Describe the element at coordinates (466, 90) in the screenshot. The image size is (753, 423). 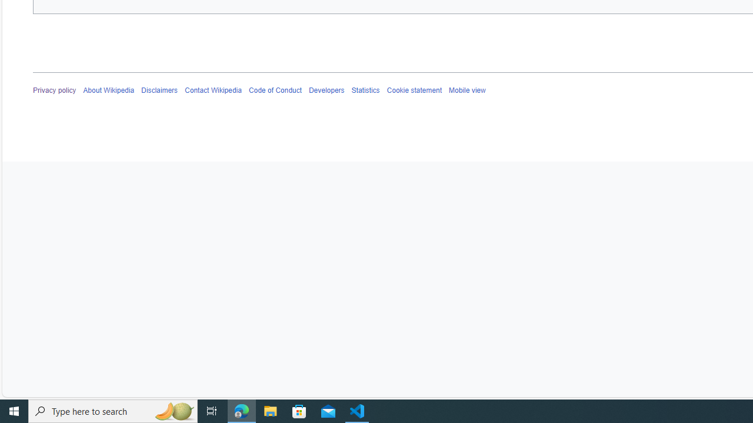
I see `'Mobile view'` at that location.